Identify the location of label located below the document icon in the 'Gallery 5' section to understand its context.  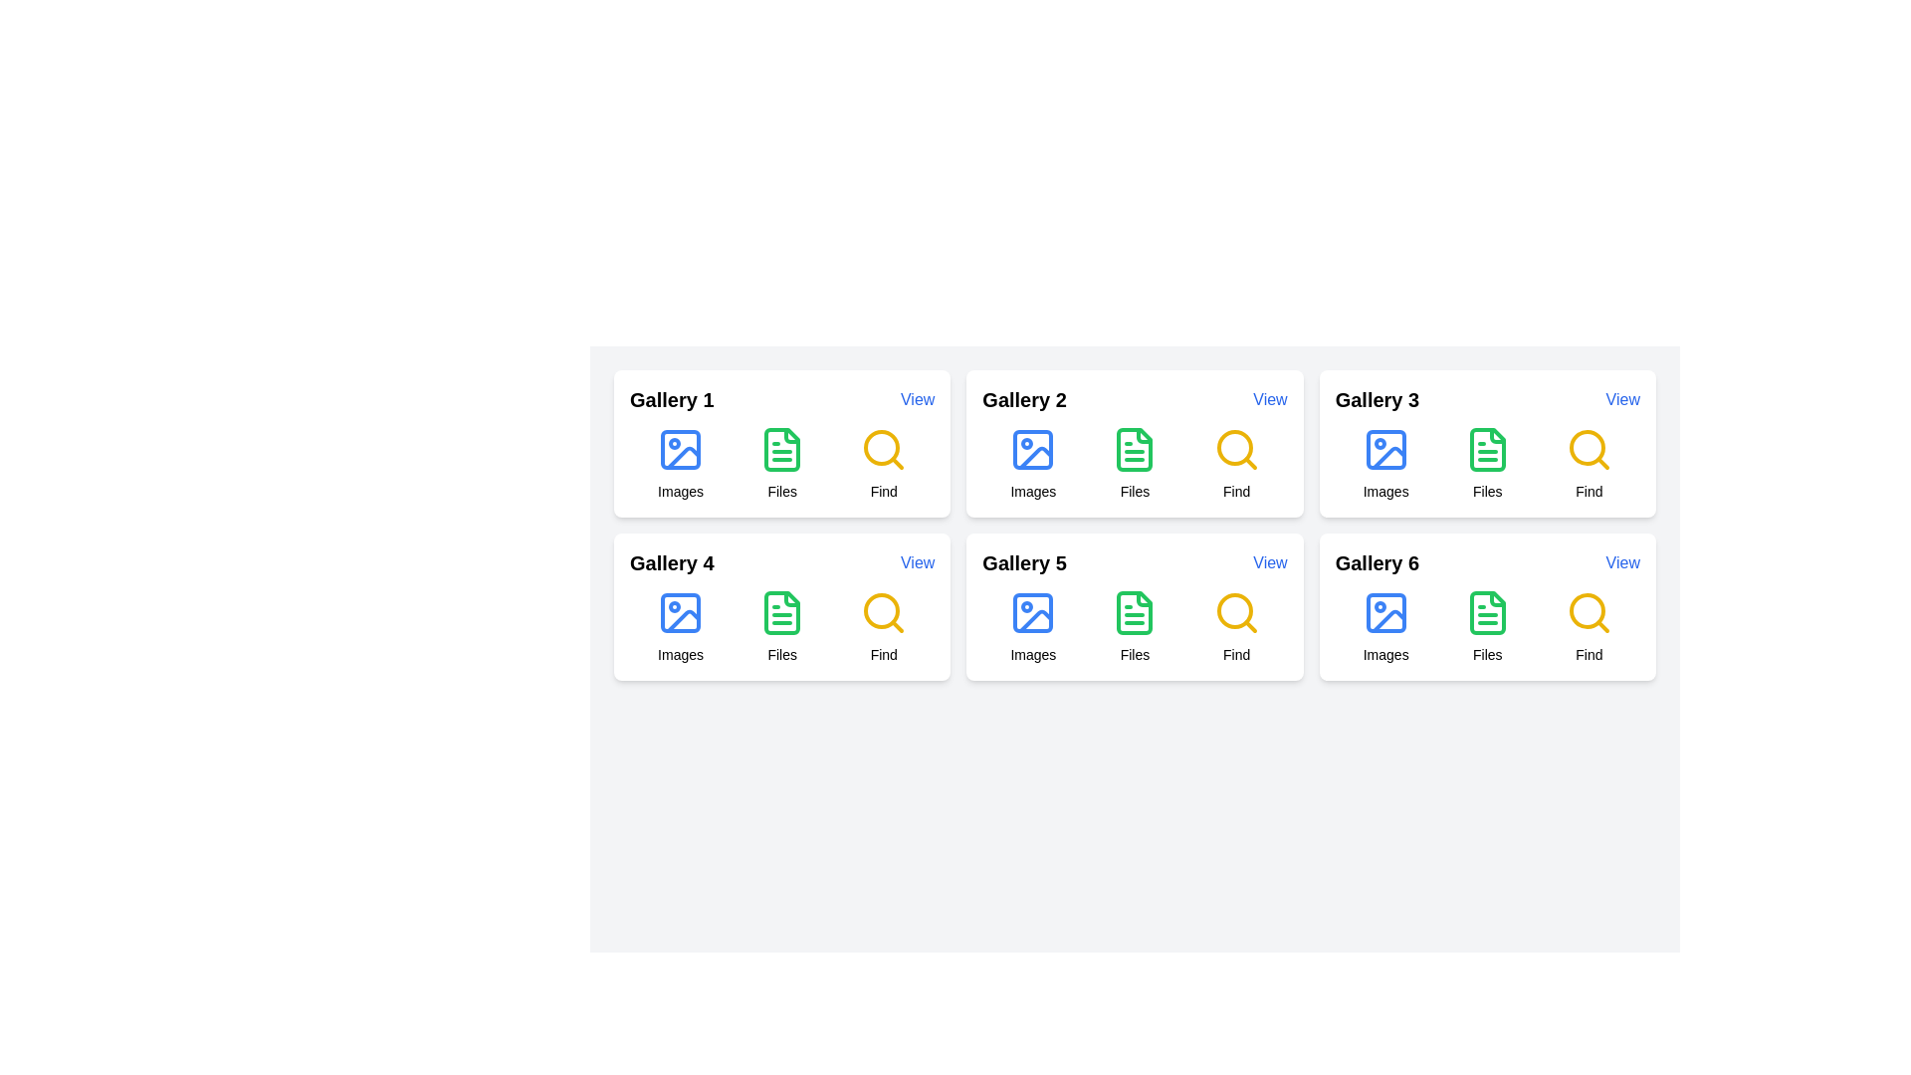
(1135, 655).